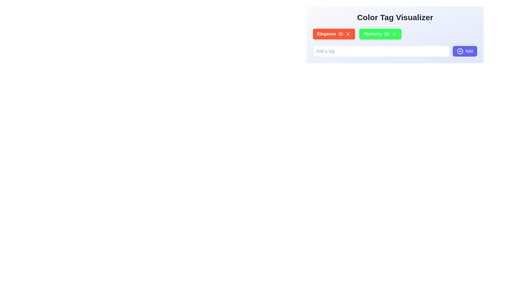 The image size is (511, 287). I want to click on the 'Harmony' button, which is a green rectangular button with bold white text and two white icons (an eye symbol and an 'X'), so click(380, 34).